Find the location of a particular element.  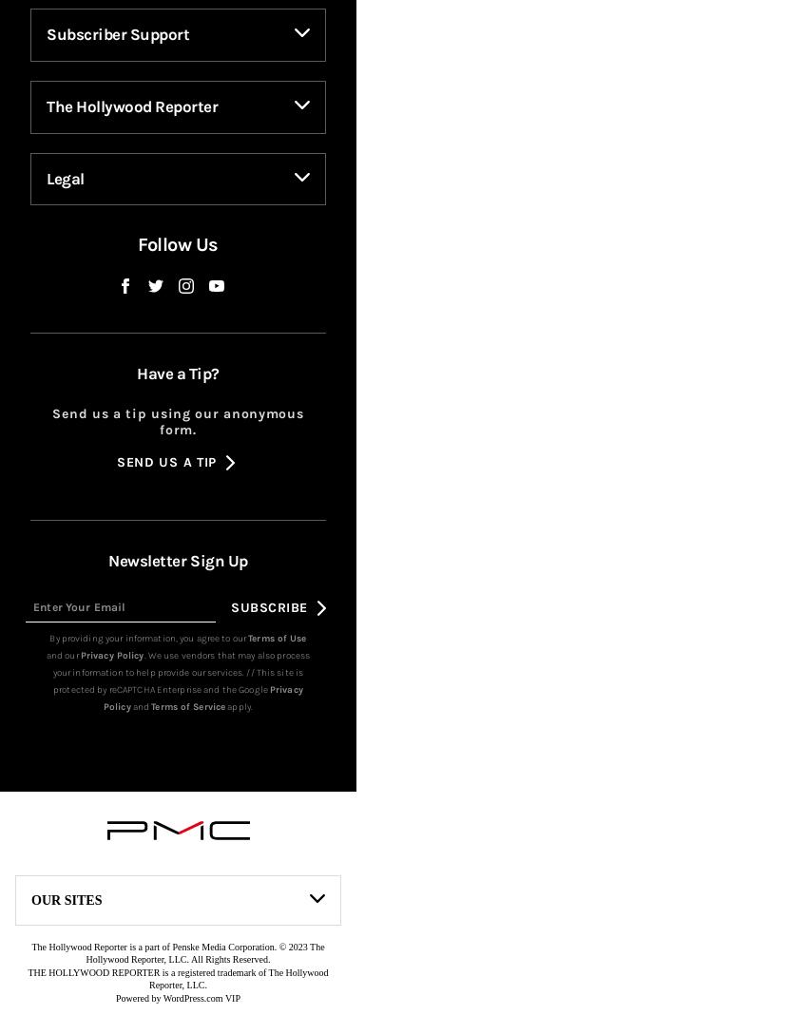

'Subscribe' is located at coordinates (268, 638).